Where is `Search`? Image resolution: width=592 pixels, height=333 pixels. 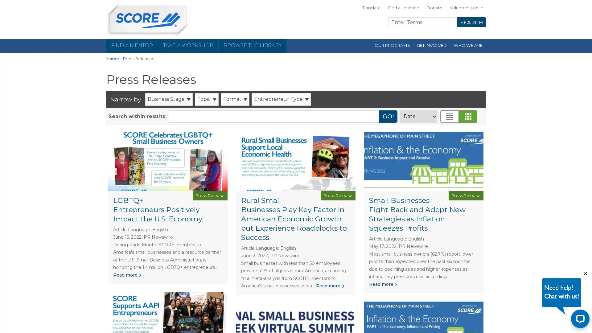 Search is located at coordinates (471, 22).